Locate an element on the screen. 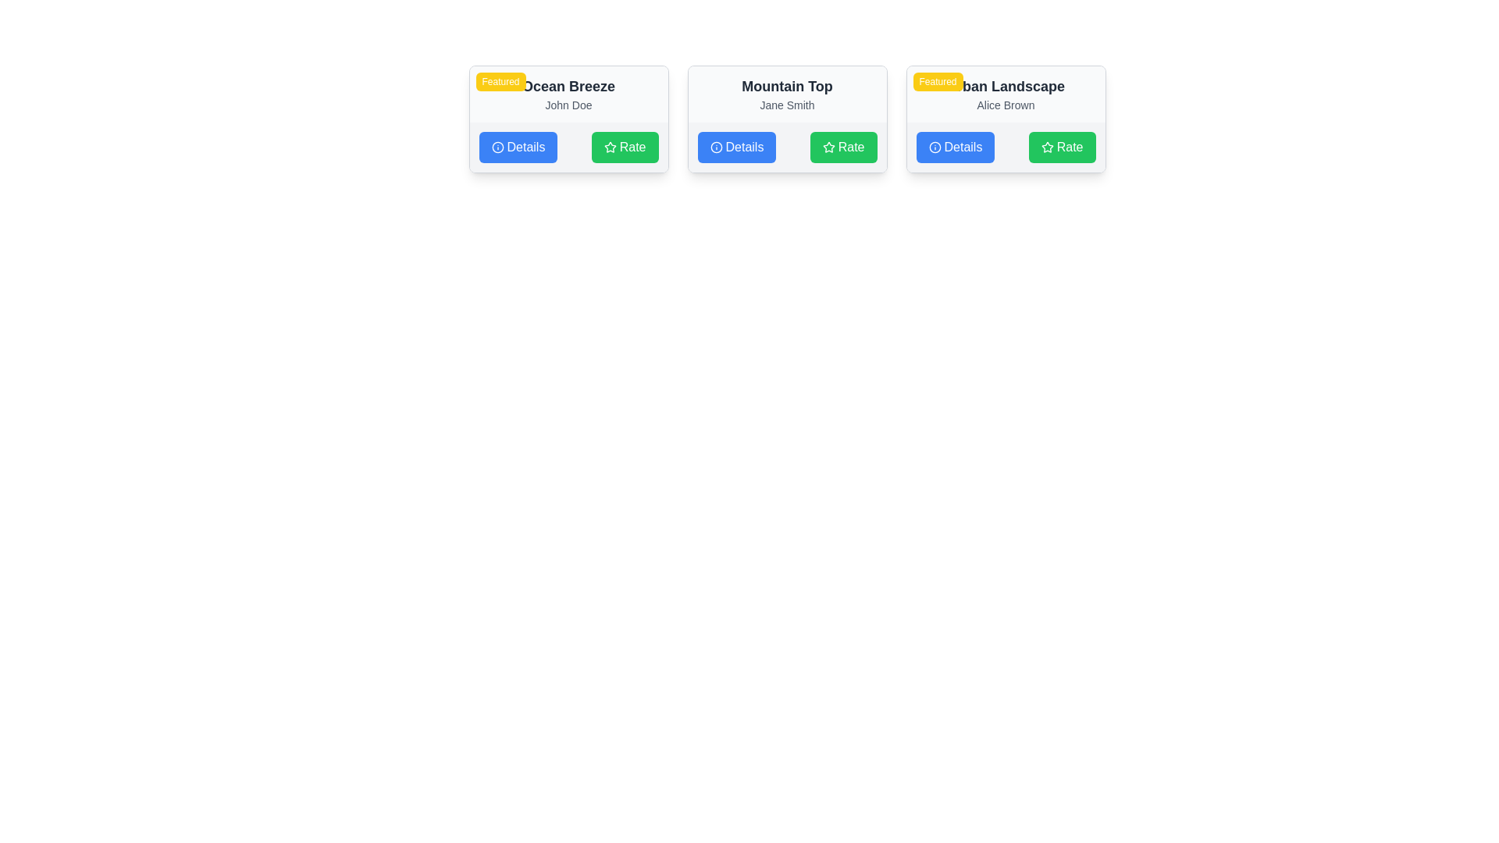 This screenshot has width=1499, height=843. the yellow 'Featured' badge label located at the top-left corner of the 'Ocean Breeze' card is located at coordinates (500, 81).